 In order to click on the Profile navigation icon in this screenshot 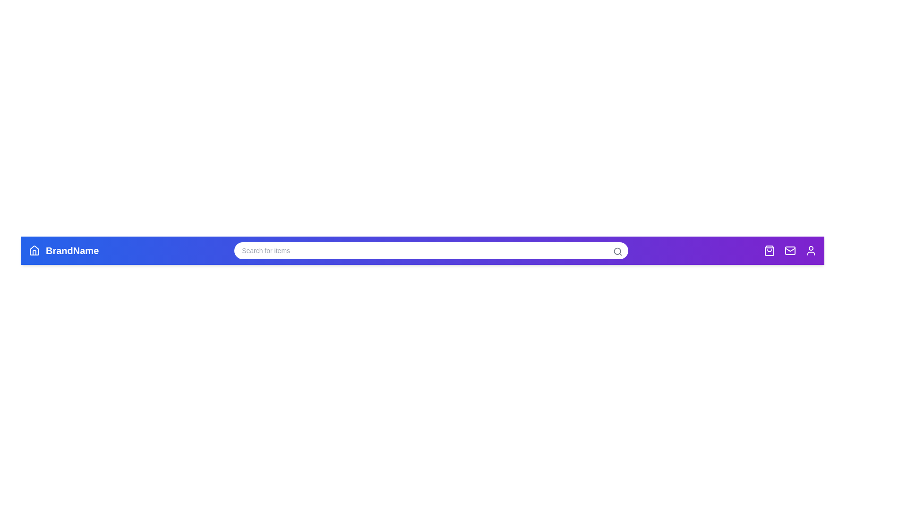, I will do `click(811, 250)`.